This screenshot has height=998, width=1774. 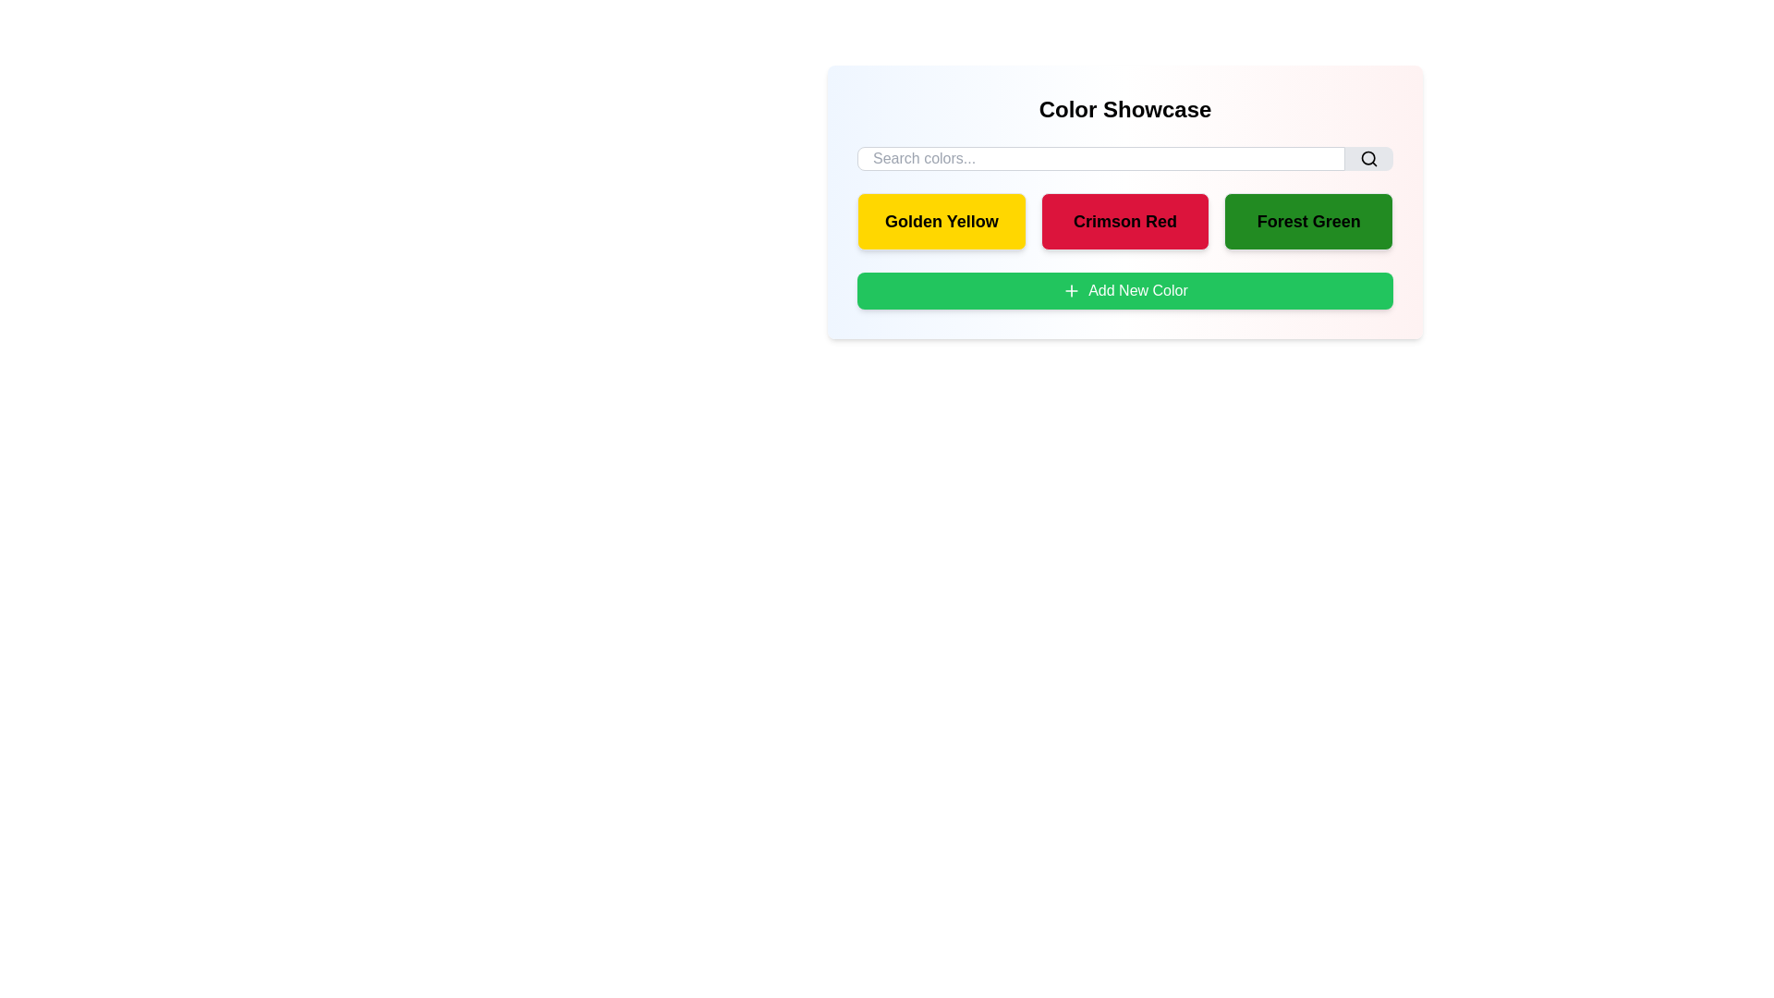 I want to click on the appearance of the circular shape that is part of the search icon located at the top-right corner of the interface, adjacent to the text input field for searching, so click(x=1368, y=157).